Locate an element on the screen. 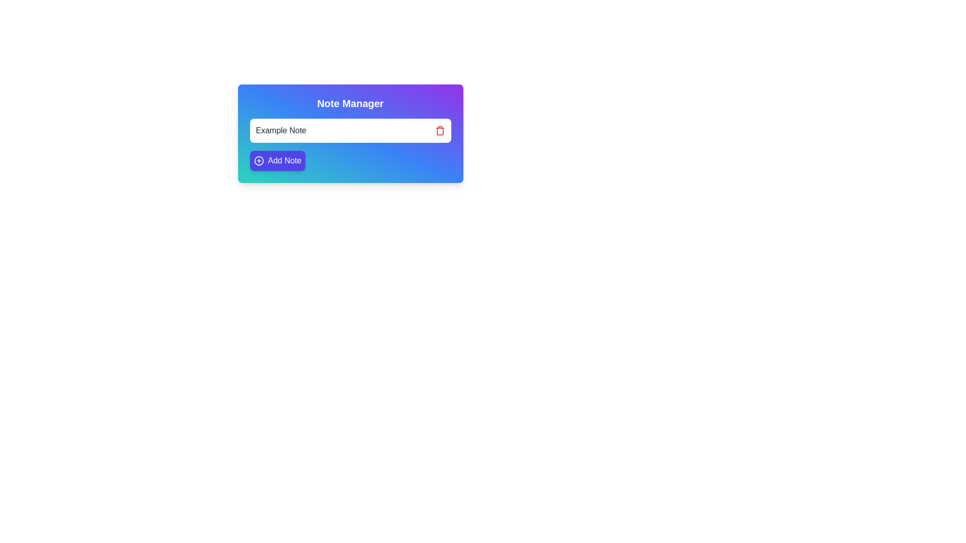  the circular graphic icon element located to the left of the 'Add Note' button is located at coordinates (259, 160).